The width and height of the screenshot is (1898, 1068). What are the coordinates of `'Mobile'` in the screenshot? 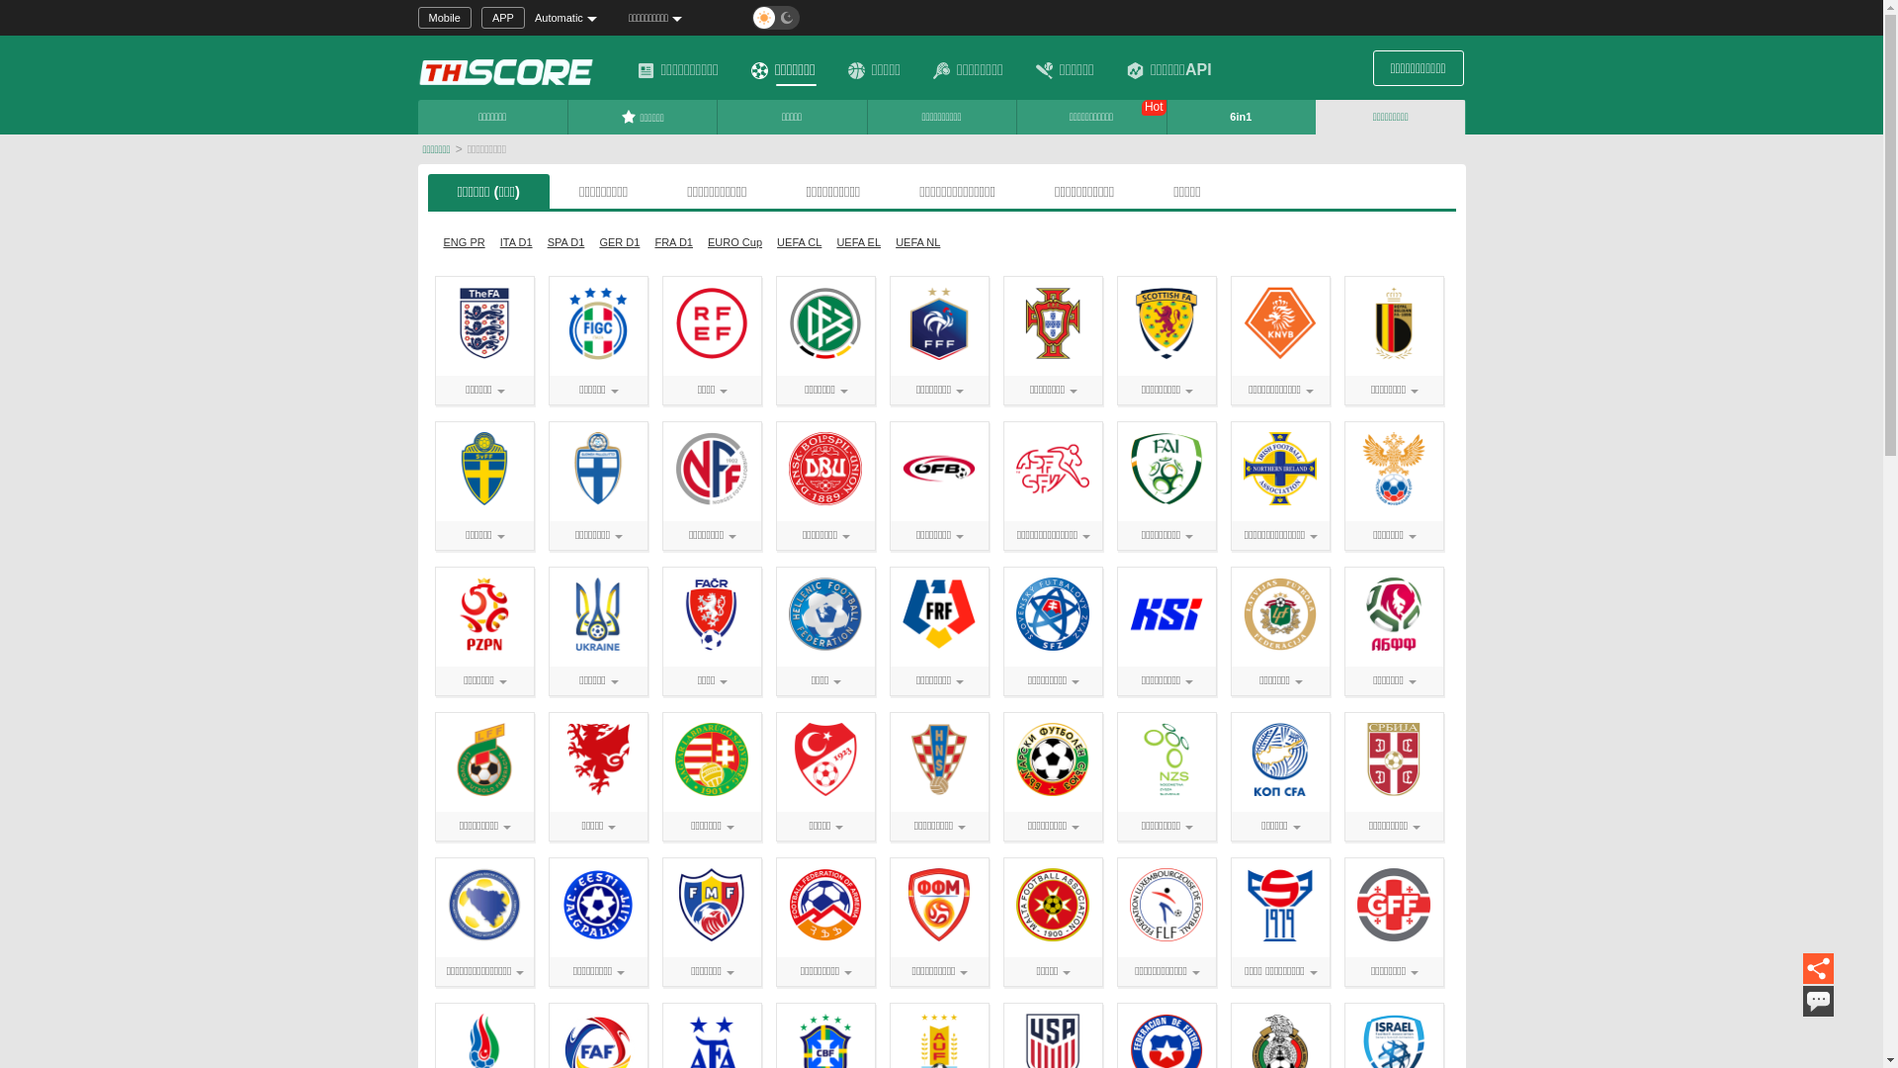 It's located at (443, 18).